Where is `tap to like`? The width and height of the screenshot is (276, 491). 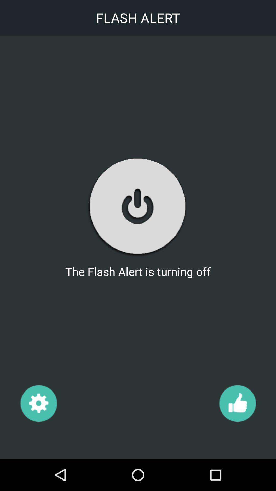
tap to like is located at coordinates (237, 403).